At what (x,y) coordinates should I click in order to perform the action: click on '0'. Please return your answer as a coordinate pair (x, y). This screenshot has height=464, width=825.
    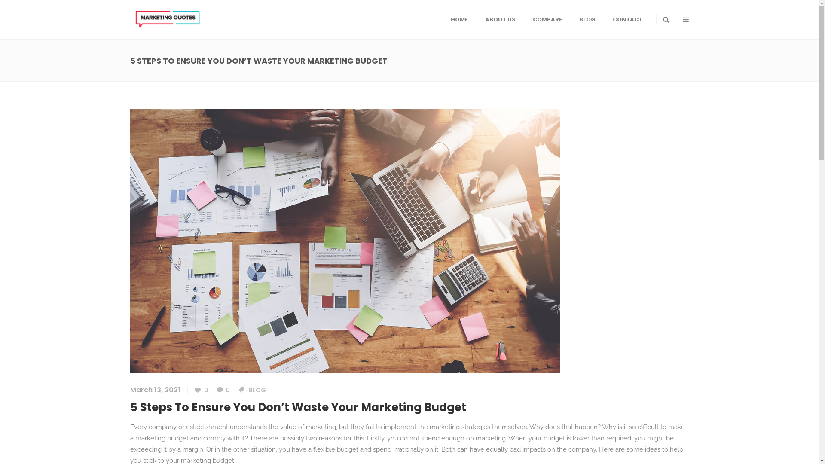
    Looking at the image, I should click on (200, 390).